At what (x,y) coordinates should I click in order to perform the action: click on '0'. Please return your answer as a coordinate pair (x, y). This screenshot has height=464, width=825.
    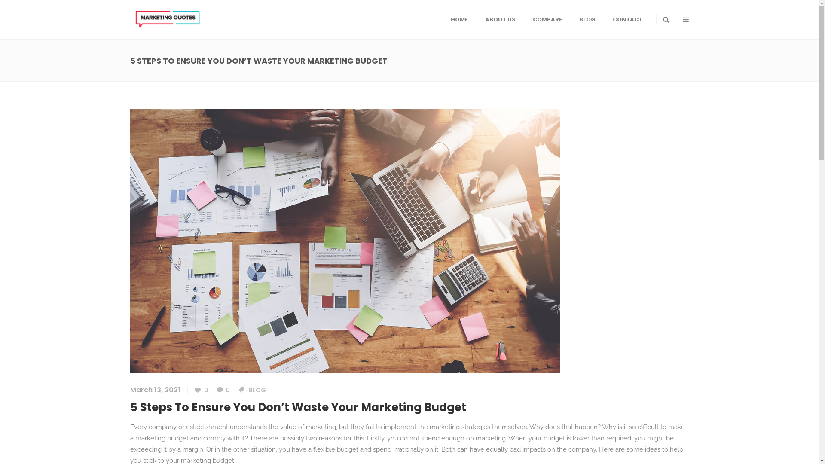
    Looking at the image, I should click on (200, 390).